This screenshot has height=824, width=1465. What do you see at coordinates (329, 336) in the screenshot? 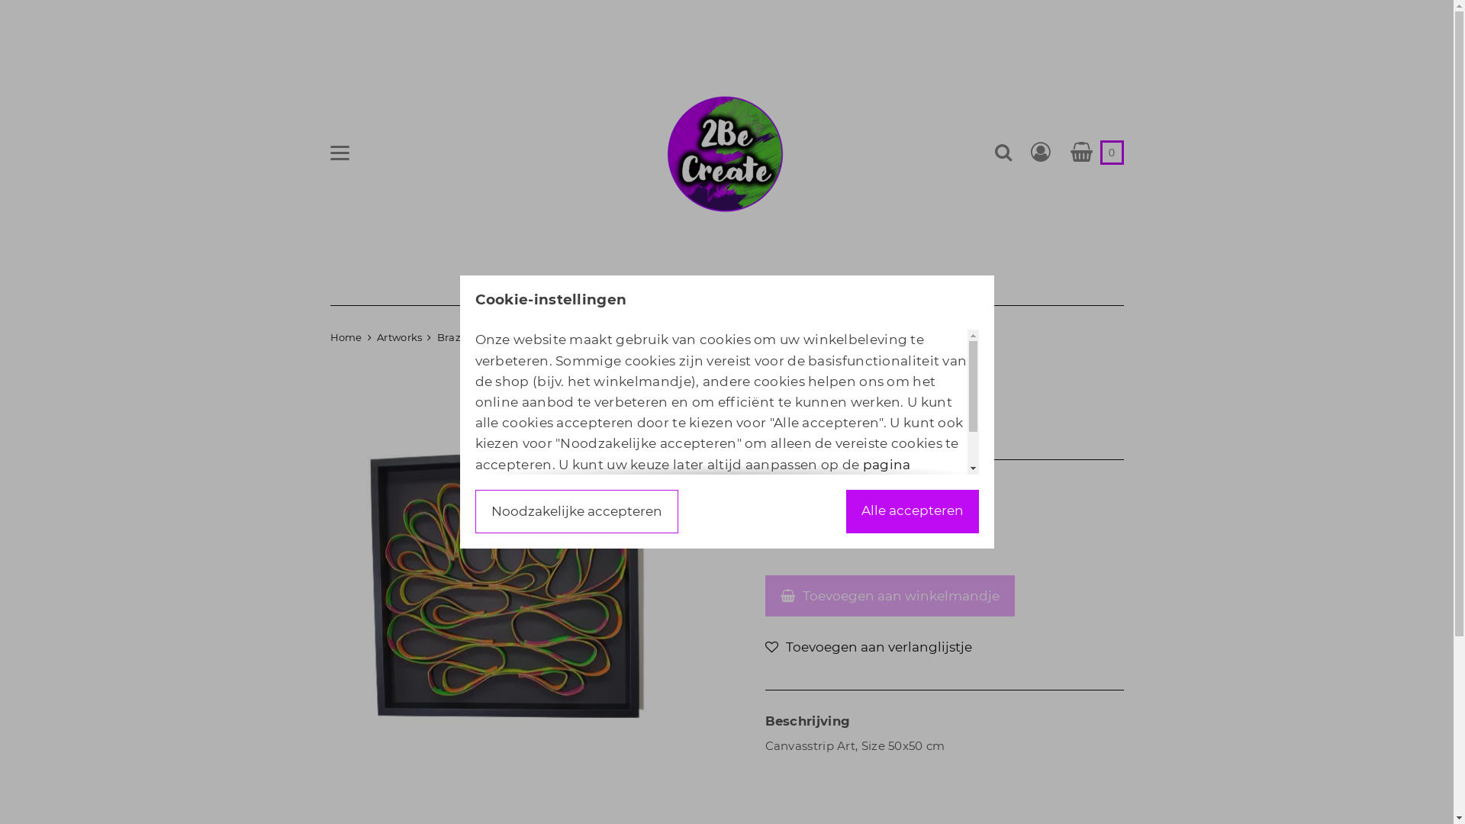
I see `'Home'` at bounding box center [329, 336].